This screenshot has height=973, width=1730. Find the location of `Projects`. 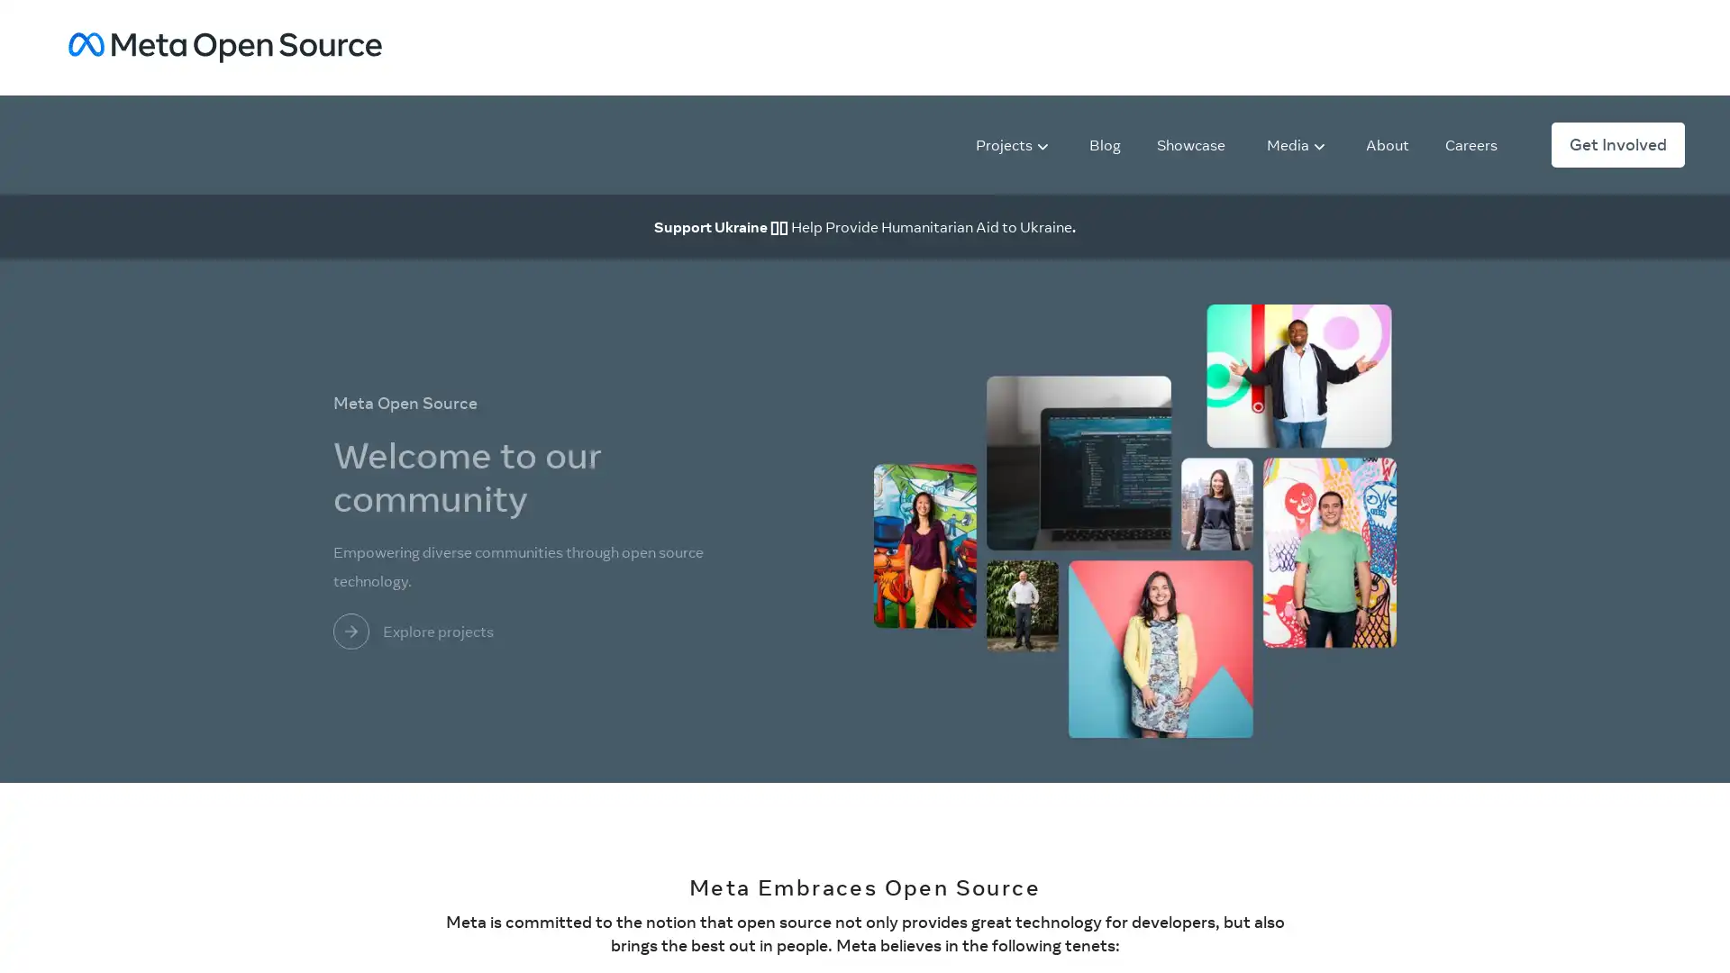

Projects is located at coordinates (1012, 142).